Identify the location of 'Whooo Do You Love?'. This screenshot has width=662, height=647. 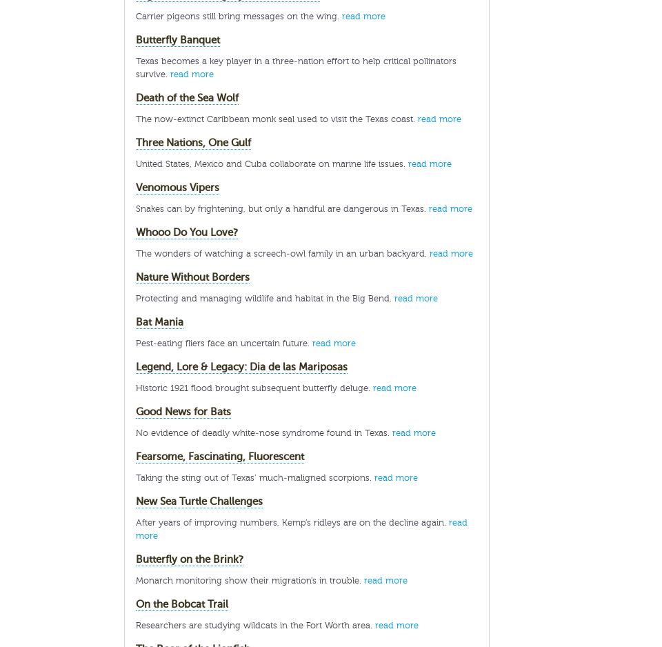
(186, 232).